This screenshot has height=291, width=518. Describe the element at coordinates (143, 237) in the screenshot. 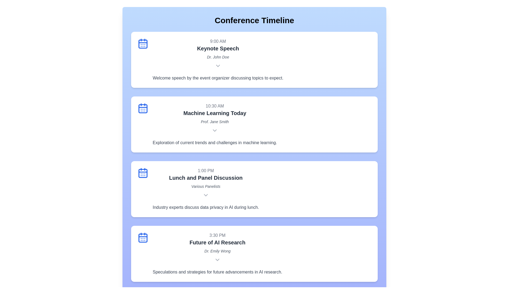

I see `the calendar icon located in the top-left corner of the fourth event card titled 'Future of AI Research', which is visually associated with a timed event` at that location.